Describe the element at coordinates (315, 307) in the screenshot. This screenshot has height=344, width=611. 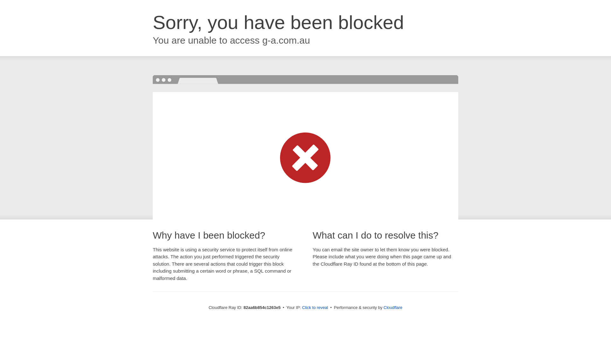
I see `'Click to reveal'` at that location.